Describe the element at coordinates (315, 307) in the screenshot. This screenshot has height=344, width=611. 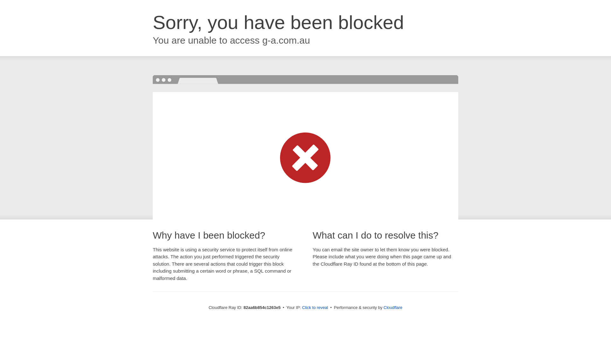
I see `'Click to reveal'` at that location.